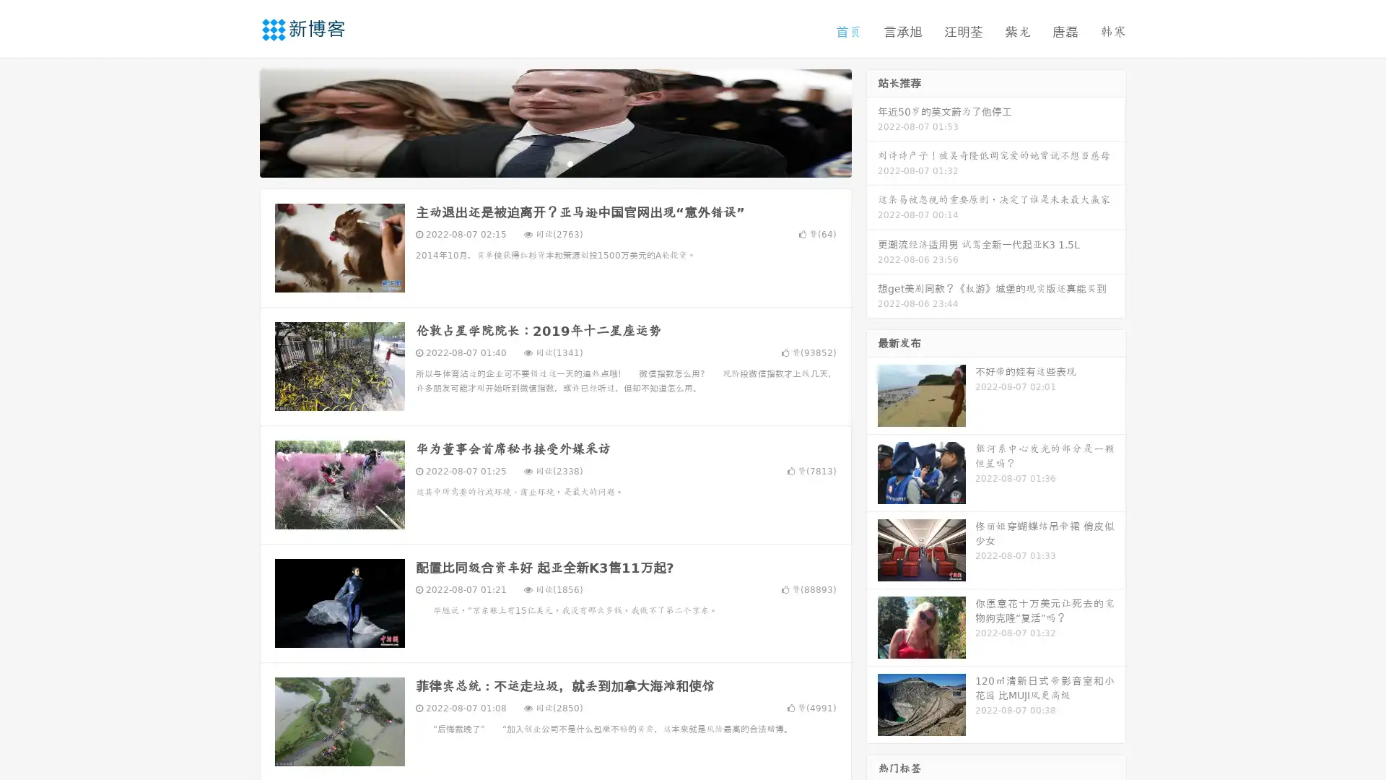 This screenshot has width=1386, height=780. What do you see at coordinates (554, 162) in the screenshot?
I see `Go to slide 2` at bounding box center [554, 162].